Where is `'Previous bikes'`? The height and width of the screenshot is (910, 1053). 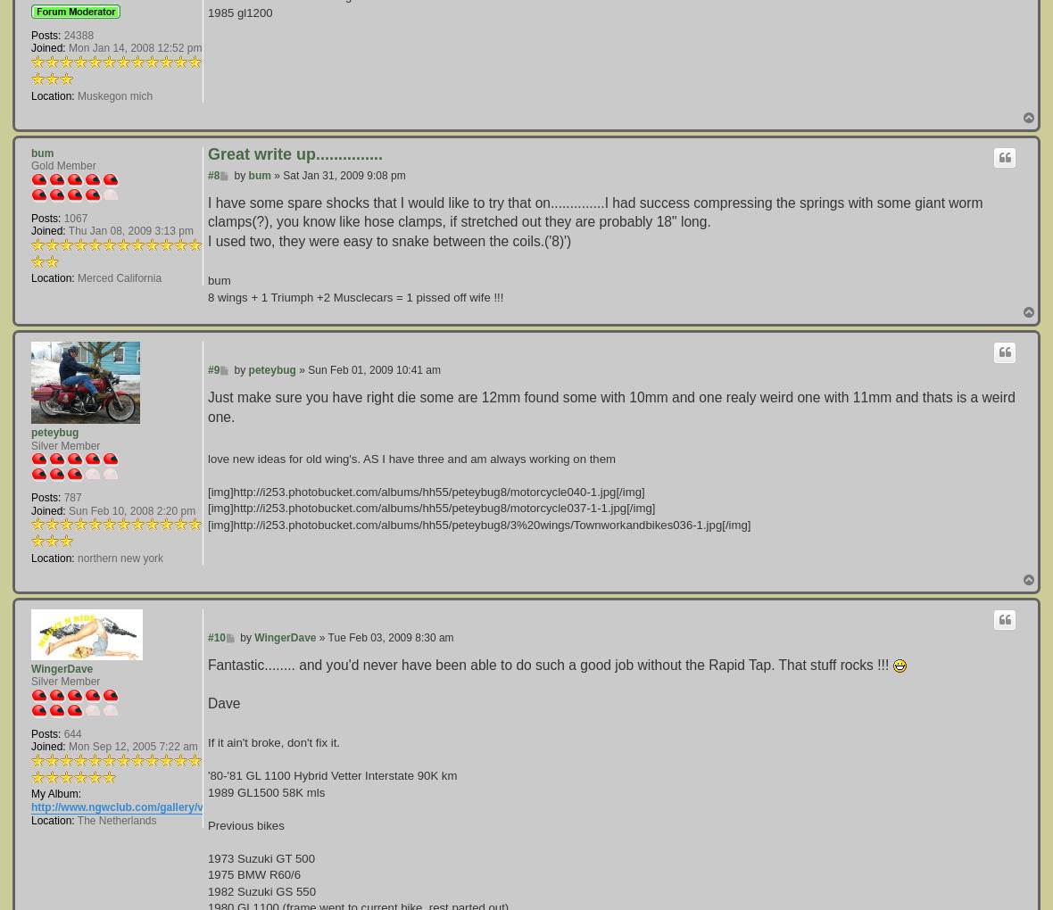
'Previous bikes' is located at coordinates (208, 824).